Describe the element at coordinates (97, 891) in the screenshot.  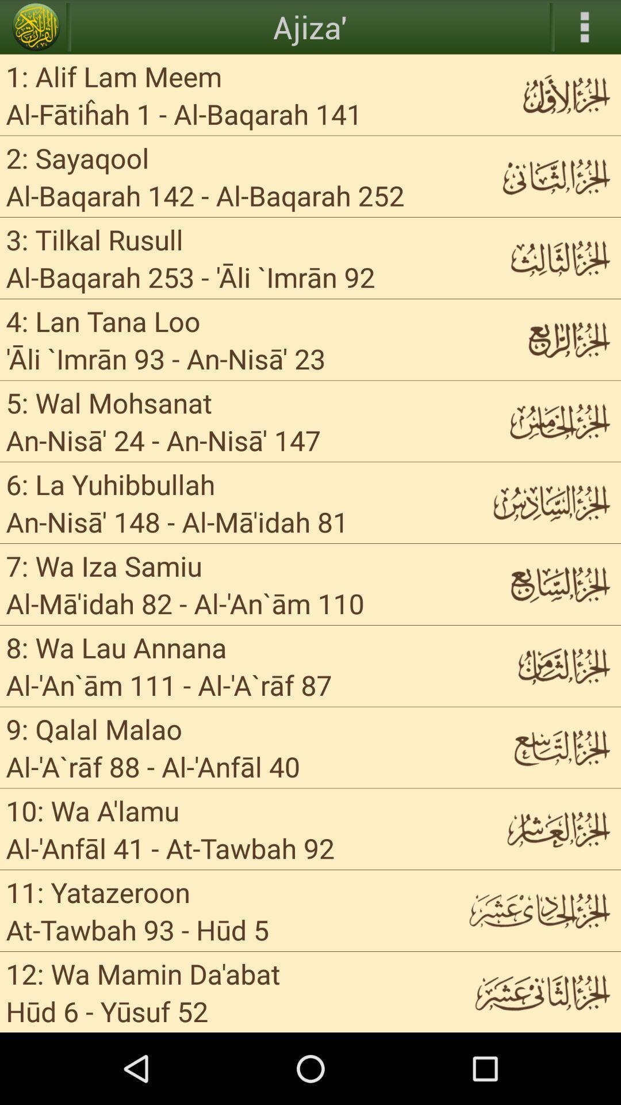
I see `the app above the at tawbah 93 app` at that location.